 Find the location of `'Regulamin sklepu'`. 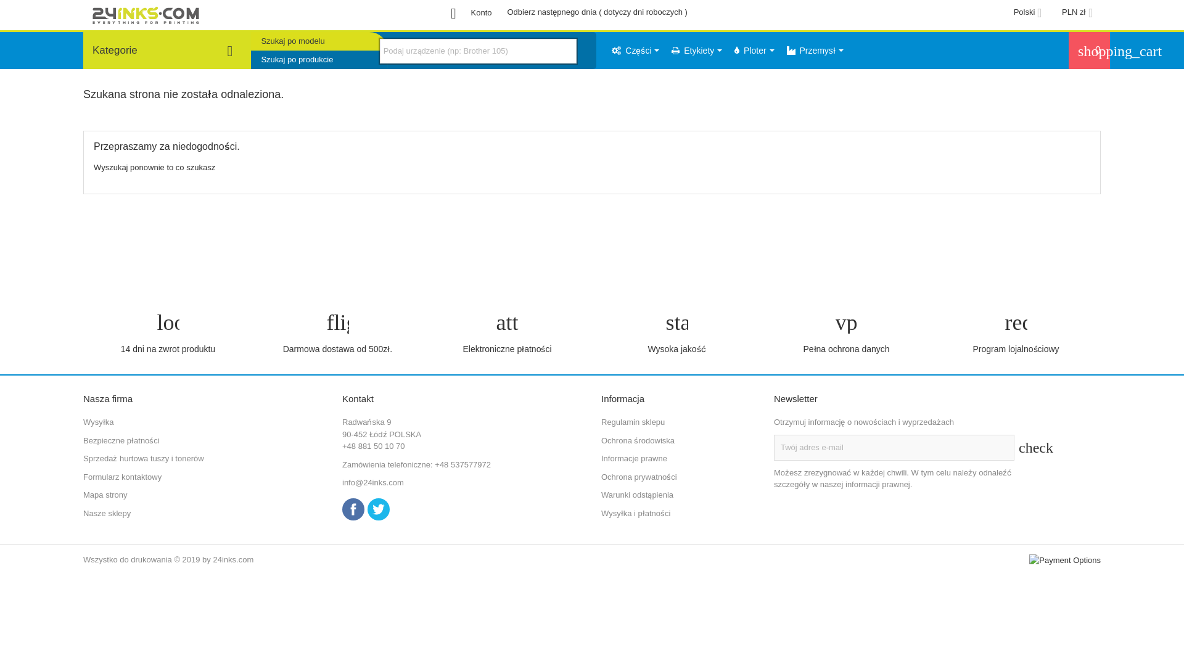

'Regulamin sklepu' is located at coordinates (633, 421).